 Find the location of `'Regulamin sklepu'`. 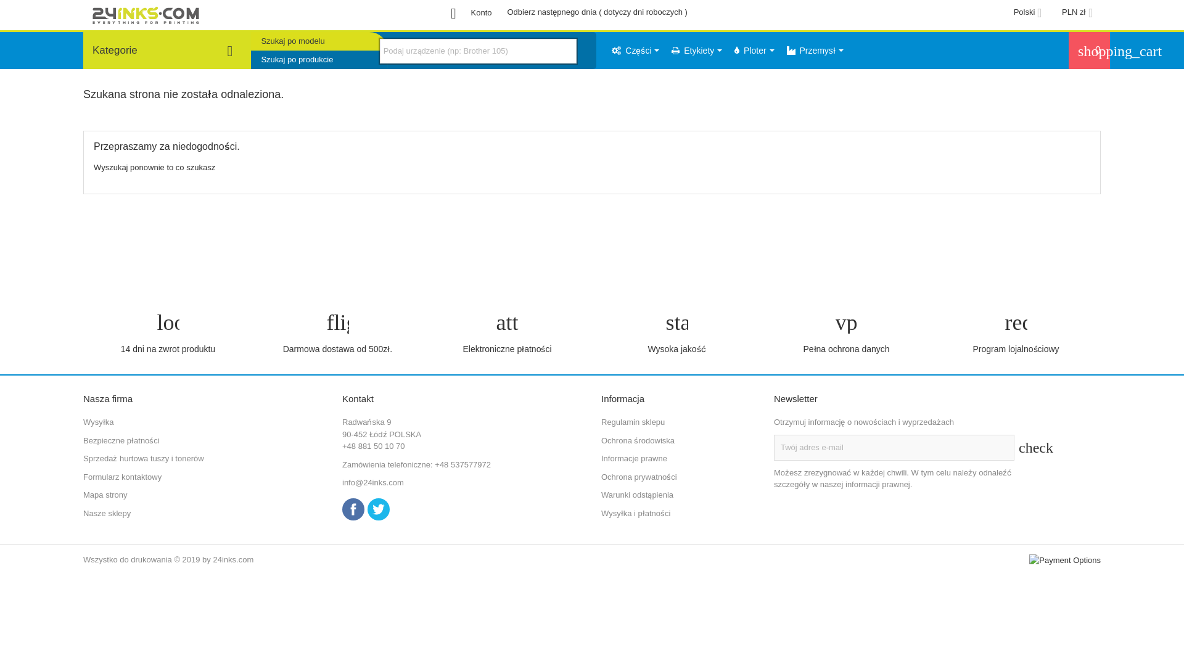

'Regulamin sklepu' is located at coordinates (633, 421).